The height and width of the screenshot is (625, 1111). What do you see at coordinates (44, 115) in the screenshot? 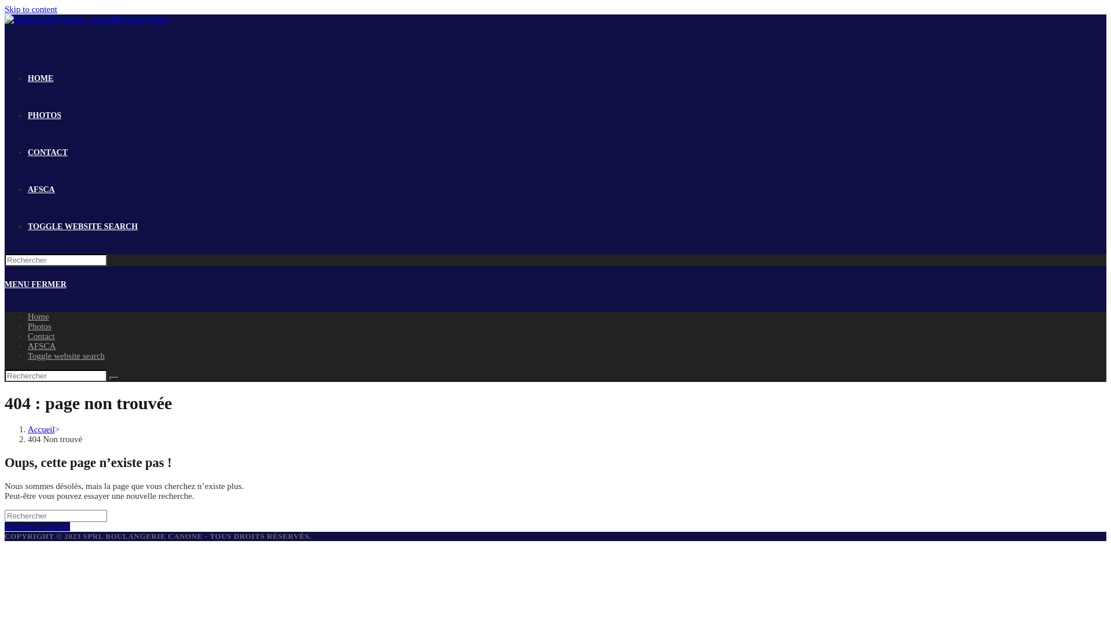
I see `'PHOTOS'` at bounding box center [44, 115].